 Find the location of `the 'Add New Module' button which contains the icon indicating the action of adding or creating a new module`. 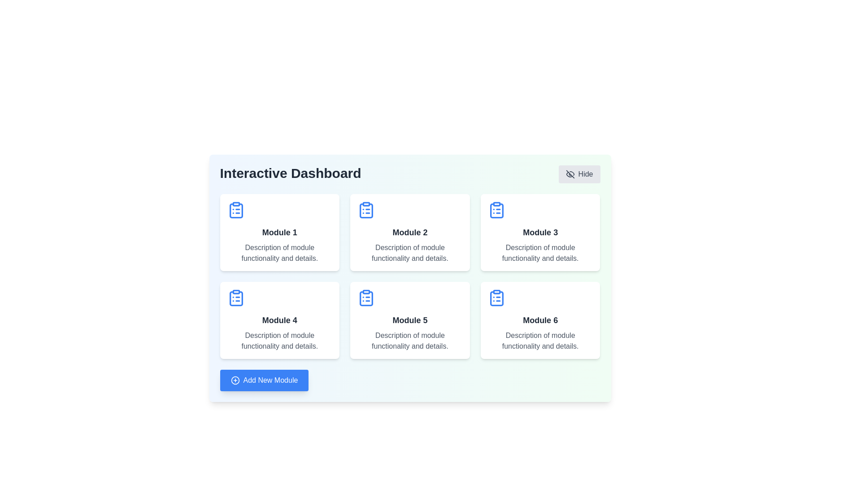

the 'Add New Module' button which contains the icon indicating the action of adding or creating a new module is located at coordinates (235, 380).